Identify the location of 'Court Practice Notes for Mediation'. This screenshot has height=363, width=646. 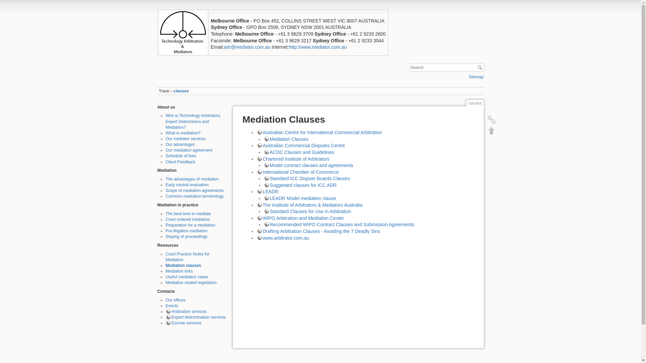
(187, 257).